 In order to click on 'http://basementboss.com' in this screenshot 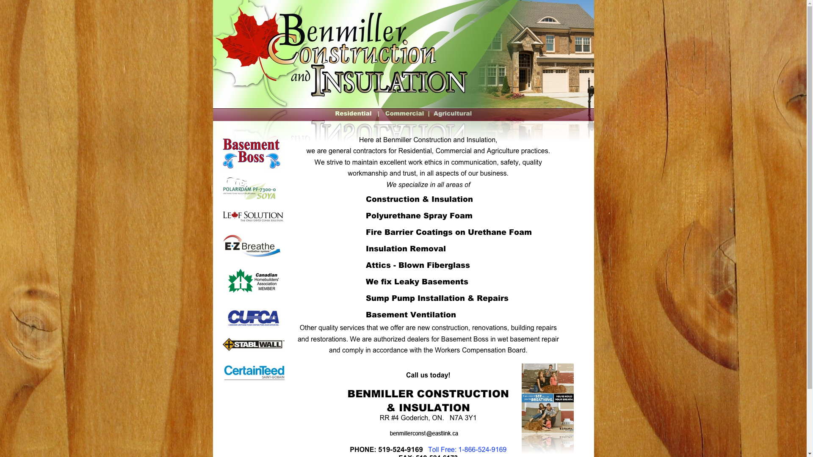, I will do `click(251, 170)`.